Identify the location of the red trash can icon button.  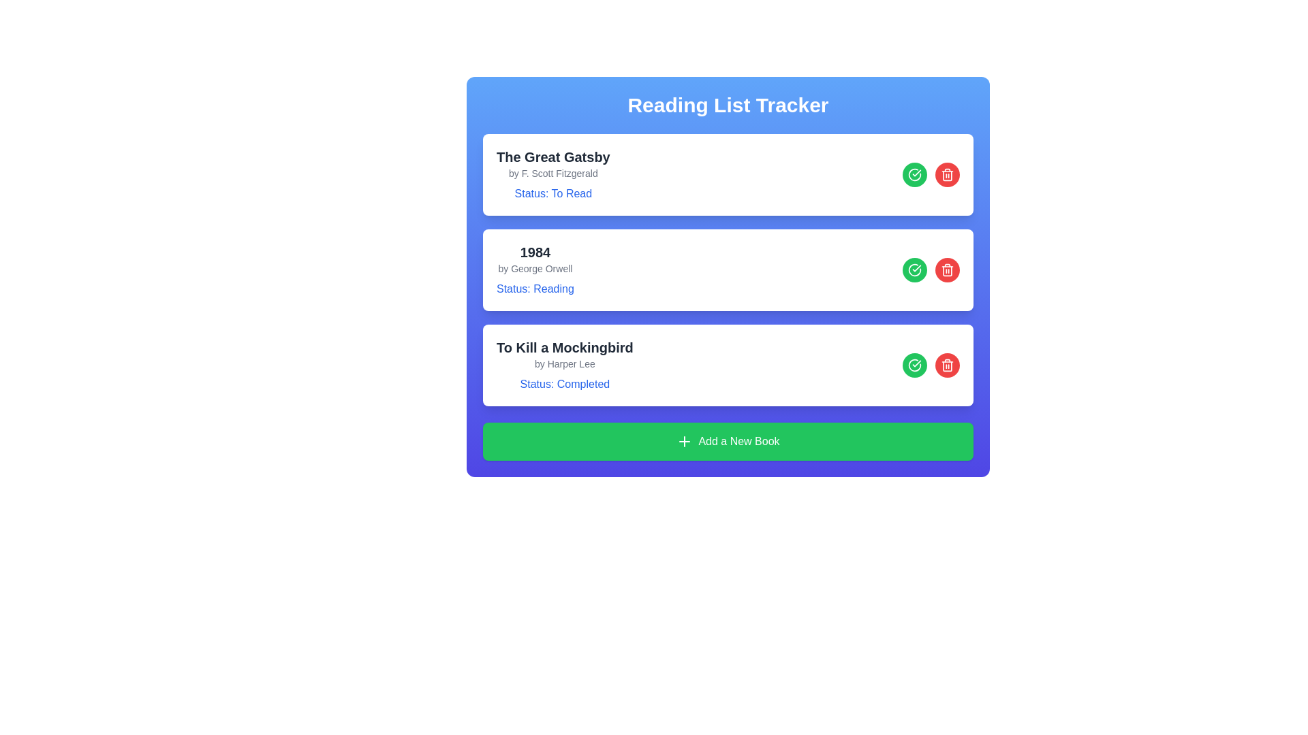
(947, 270).